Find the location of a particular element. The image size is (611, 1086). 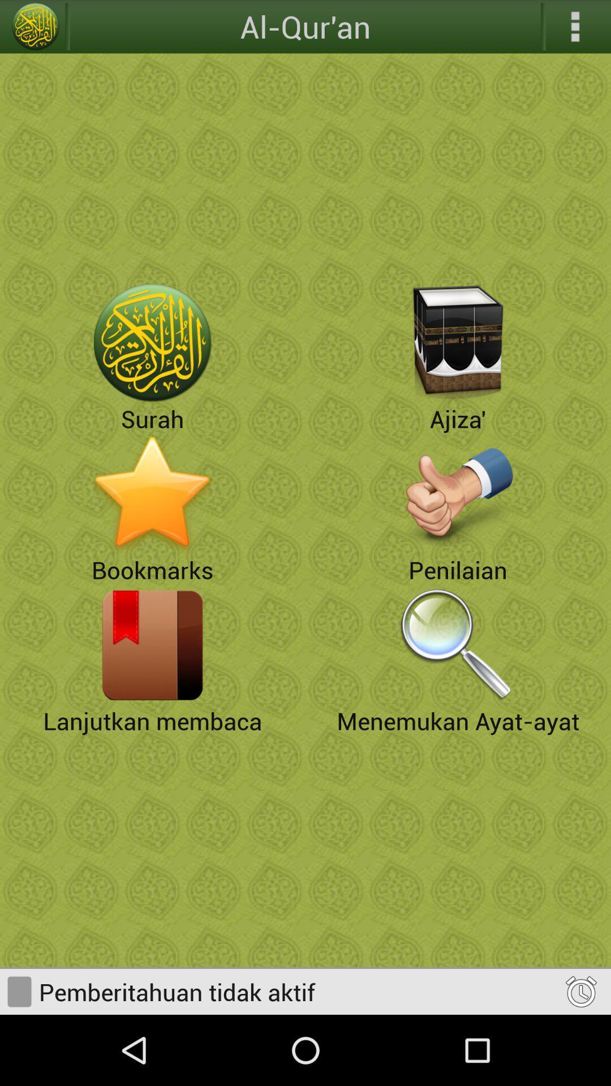

ajiza is located at coordinates (458, 342).